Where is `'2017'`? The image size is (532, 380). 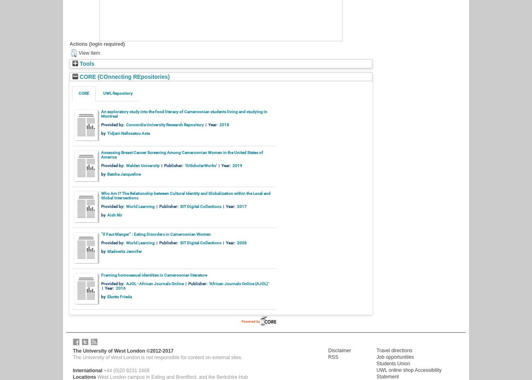
'2017' is located at coordinates (241, 206).